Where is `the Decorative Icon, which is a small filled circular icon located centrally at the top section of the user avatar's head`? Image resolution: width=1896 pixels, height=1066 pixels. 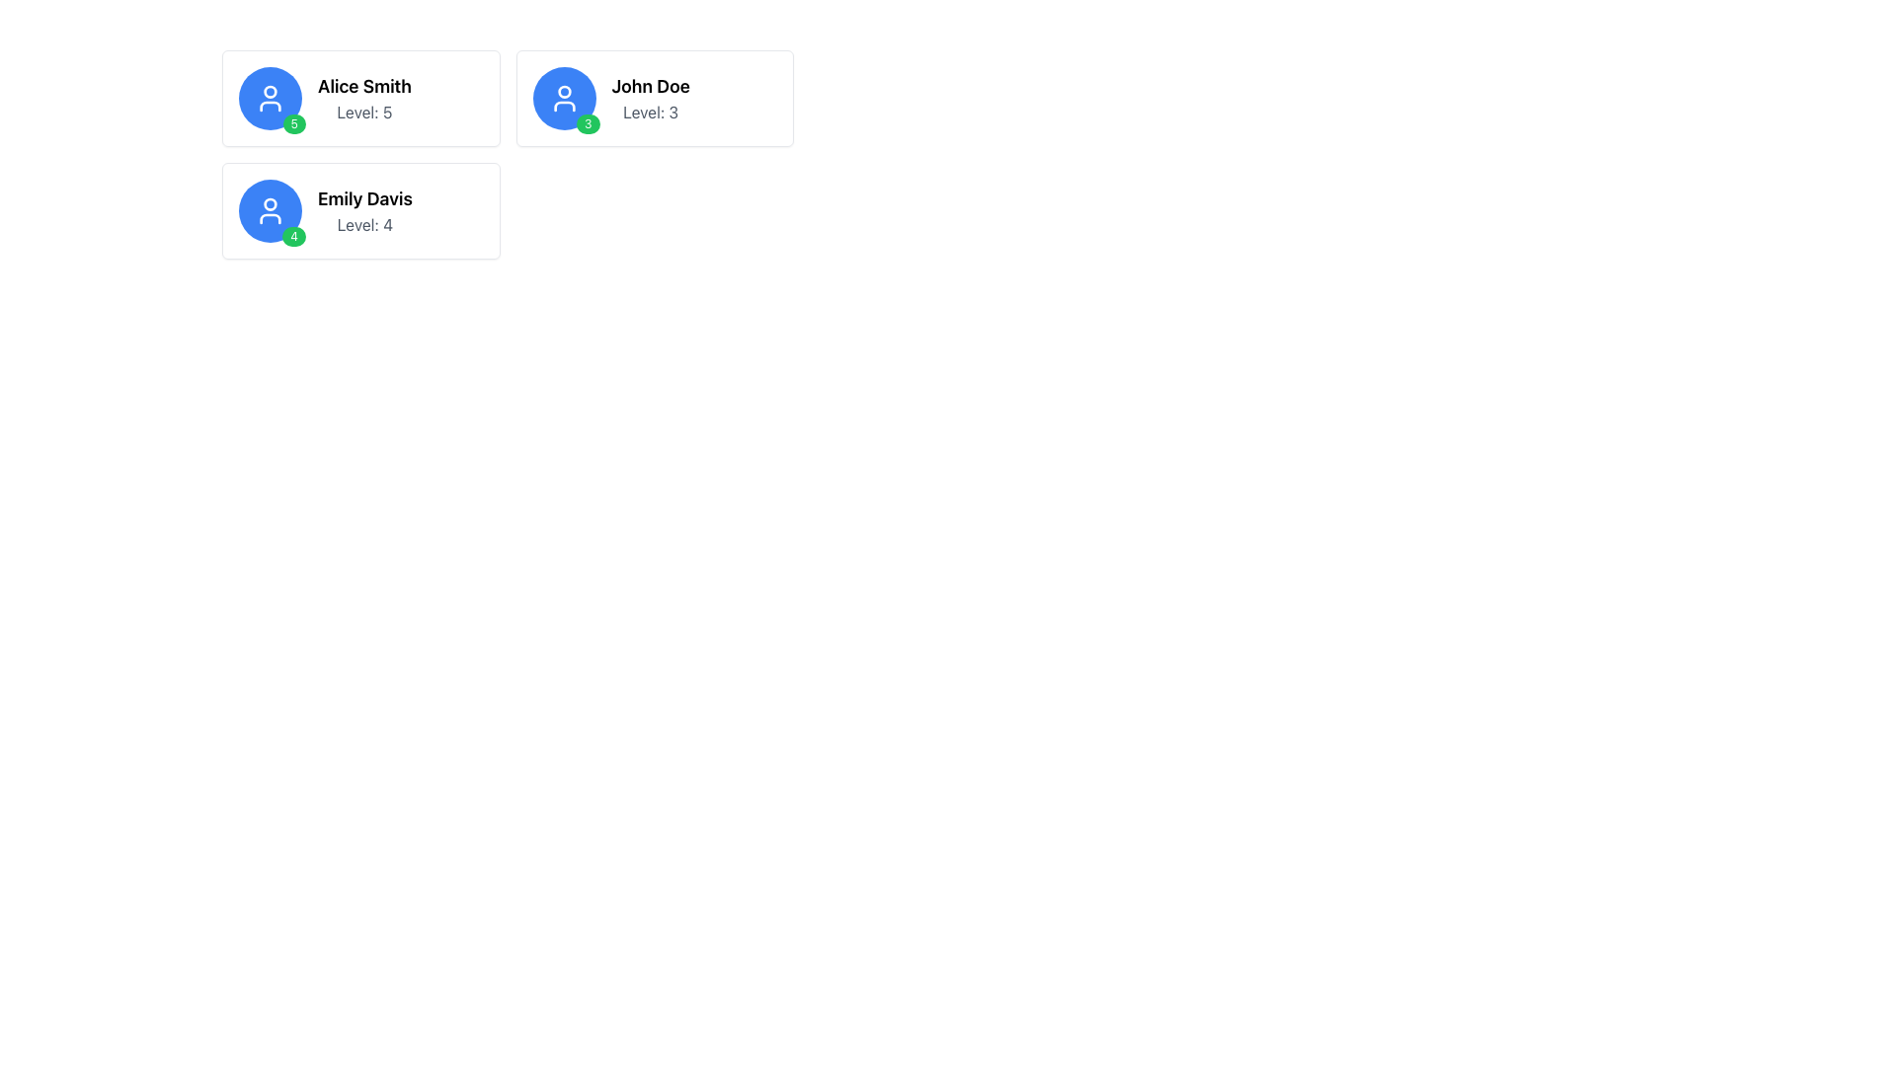
the Decorative Icon, which is a small filled circular icon located centrally at the top section of the user avatar's head is located at coordinates (269, 91).